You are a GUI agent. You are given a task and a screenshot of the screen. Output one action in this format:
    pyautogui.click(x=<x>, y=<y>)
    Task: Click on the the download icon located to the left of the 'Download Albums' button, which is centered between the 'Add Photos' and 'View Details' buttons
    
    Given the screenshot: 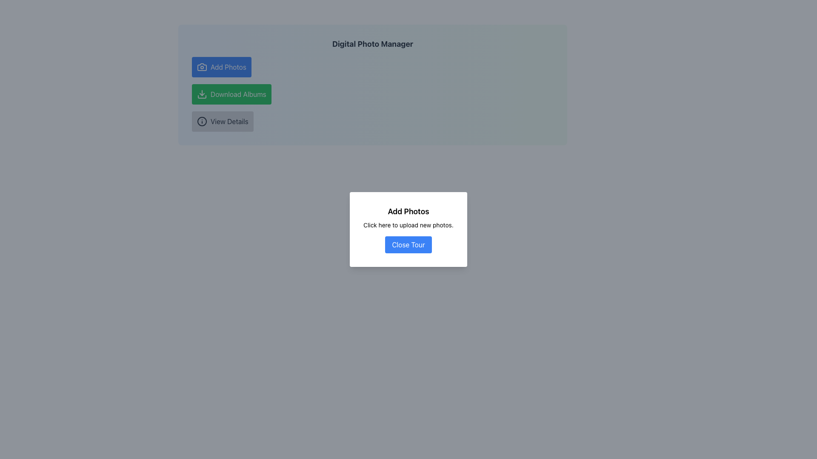 What is the action you would take?
    pyautogui.click(x=202, y=94)
    